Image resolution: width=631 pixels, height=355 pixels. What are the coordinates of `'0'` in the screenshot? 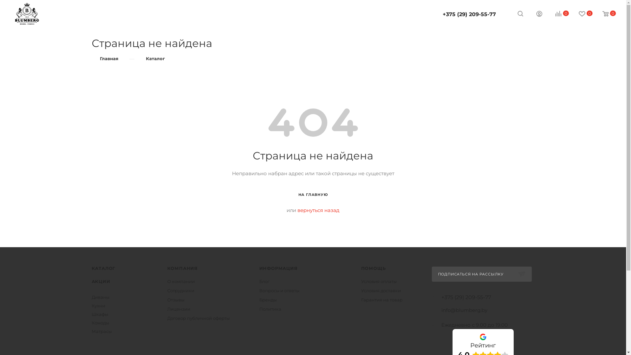 It's located at (581, 14).